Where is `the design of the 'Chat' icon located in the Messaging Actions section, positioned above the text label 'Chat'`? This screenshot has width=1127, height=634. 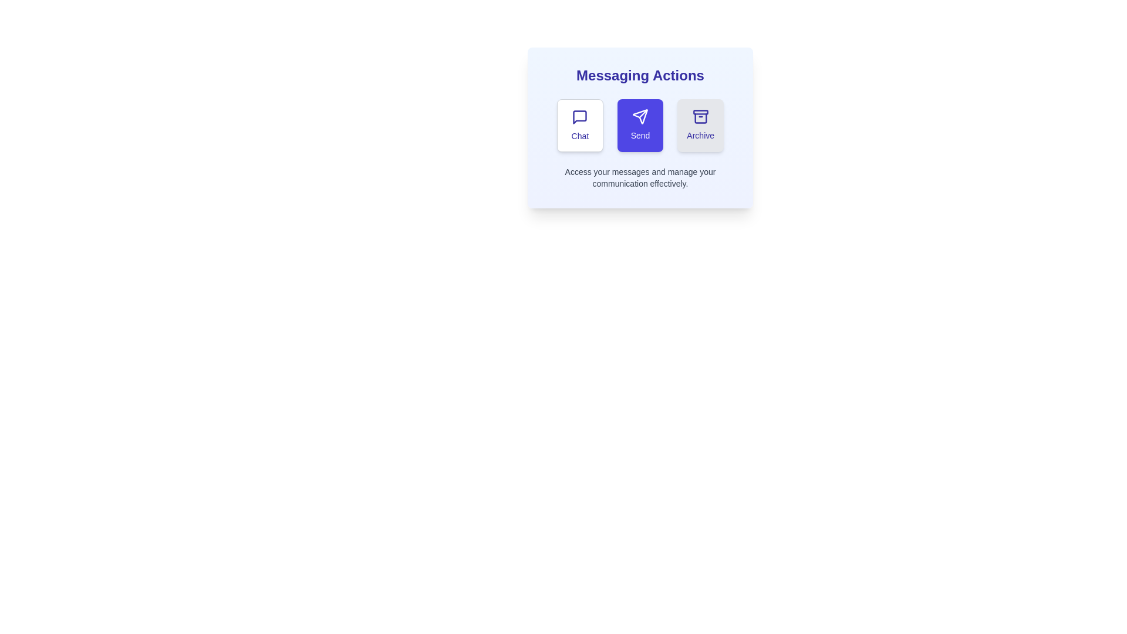 the design of the 'Chat' icon located in the Messaging Actions section, positioned above the text label 'Chat' is located at coordinates (580, 117).